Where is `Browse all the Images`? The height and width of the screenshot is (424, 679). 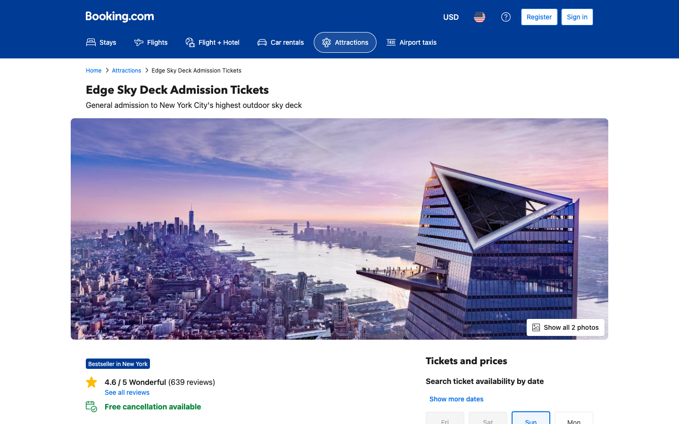 Browse all the Images is located at coordinates (565, 326).